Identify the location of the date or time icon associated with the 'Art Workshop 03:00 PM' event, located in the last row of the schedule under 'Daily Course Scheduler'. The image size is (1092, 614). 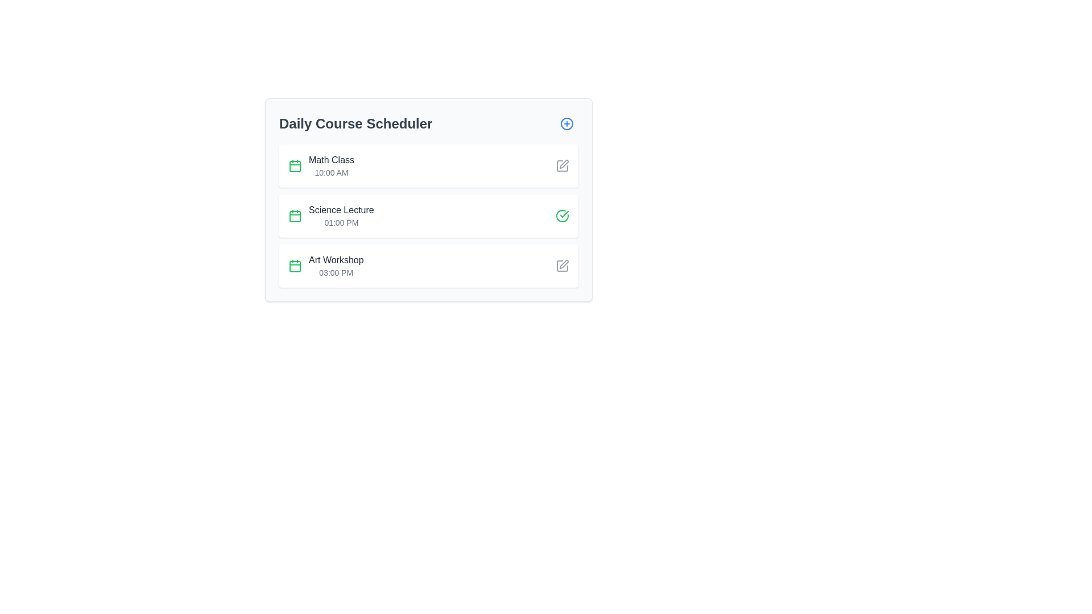
(295, 265).